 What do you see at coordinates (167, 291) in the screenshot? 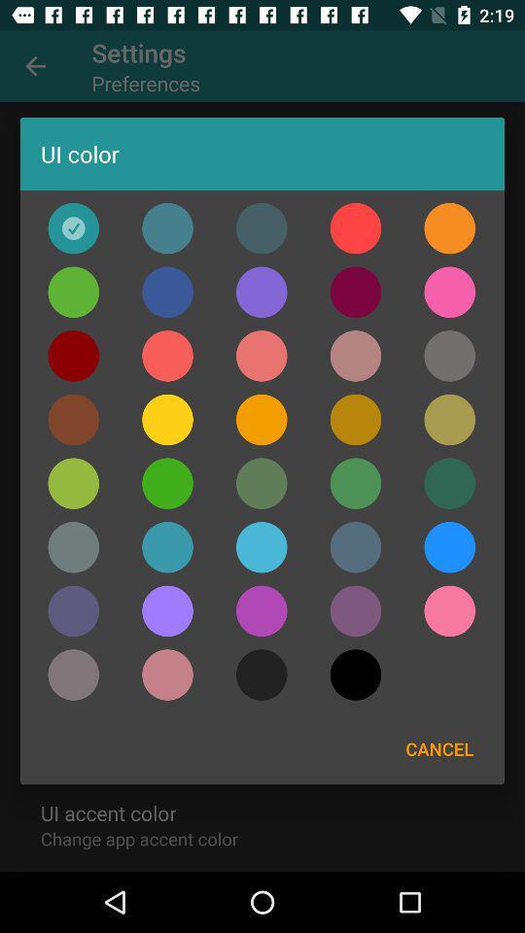
I see `selec one colour` at bounding box center [167, 291].